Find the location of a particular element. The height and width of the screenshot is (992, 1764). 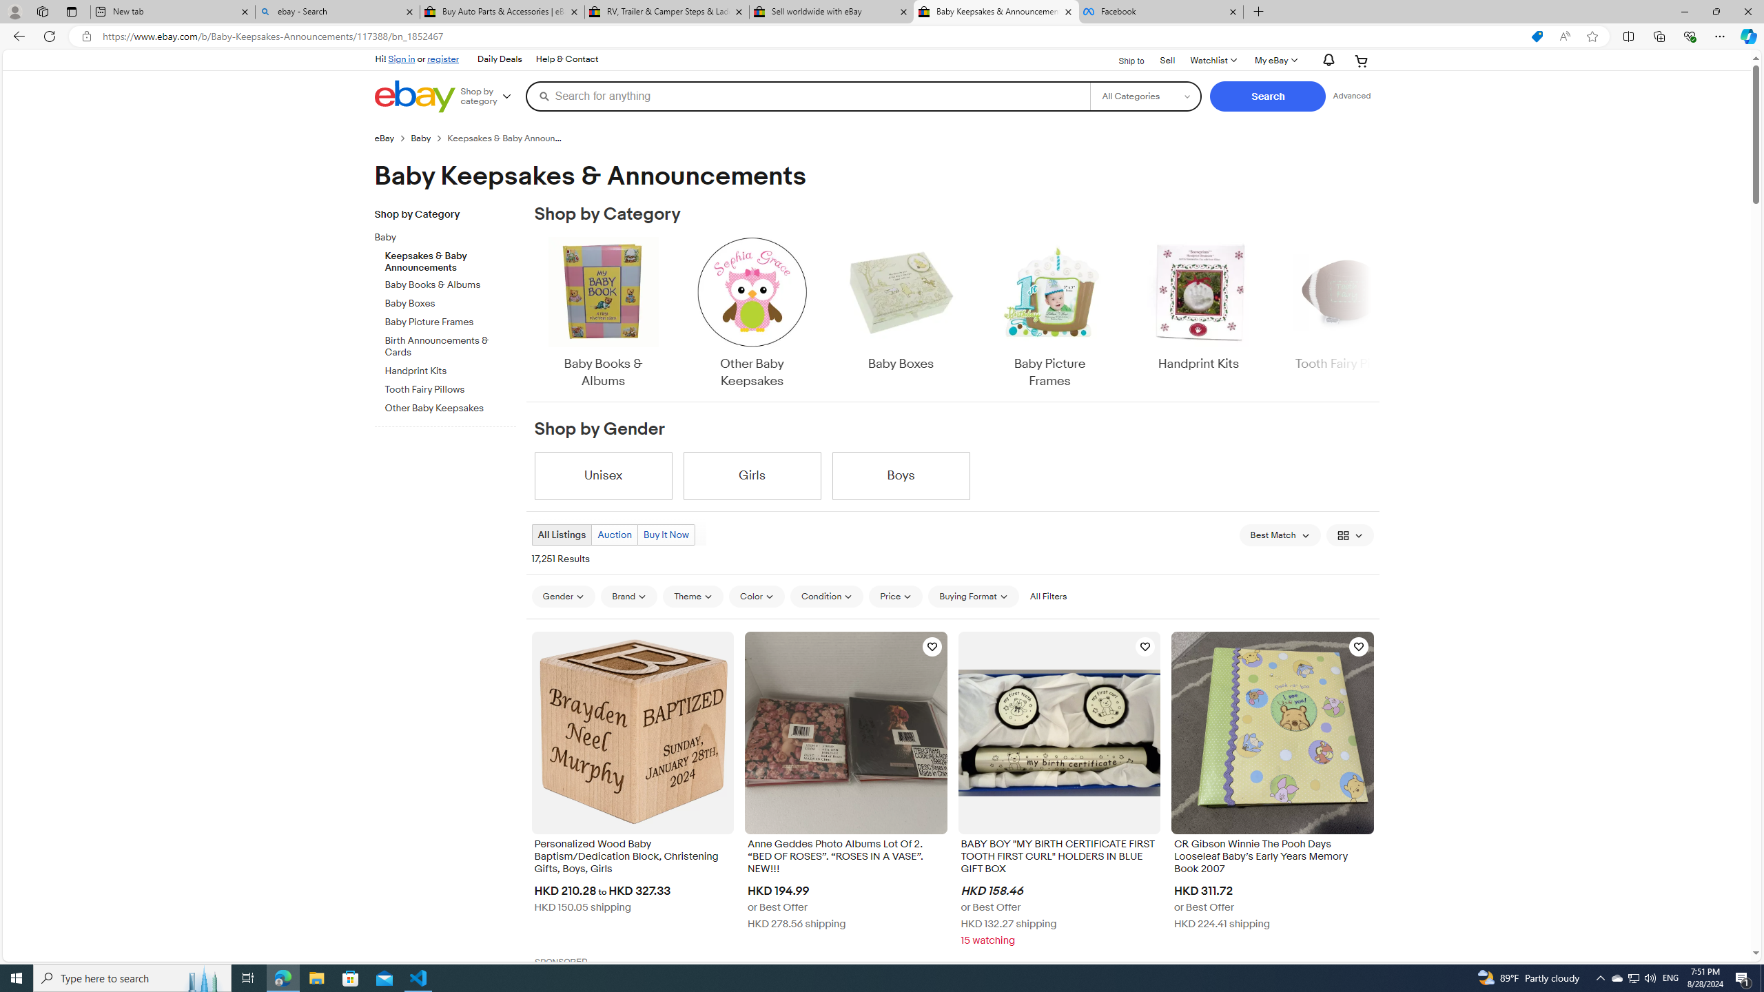

'Help & Contact' is located at coordinates (567, 60).